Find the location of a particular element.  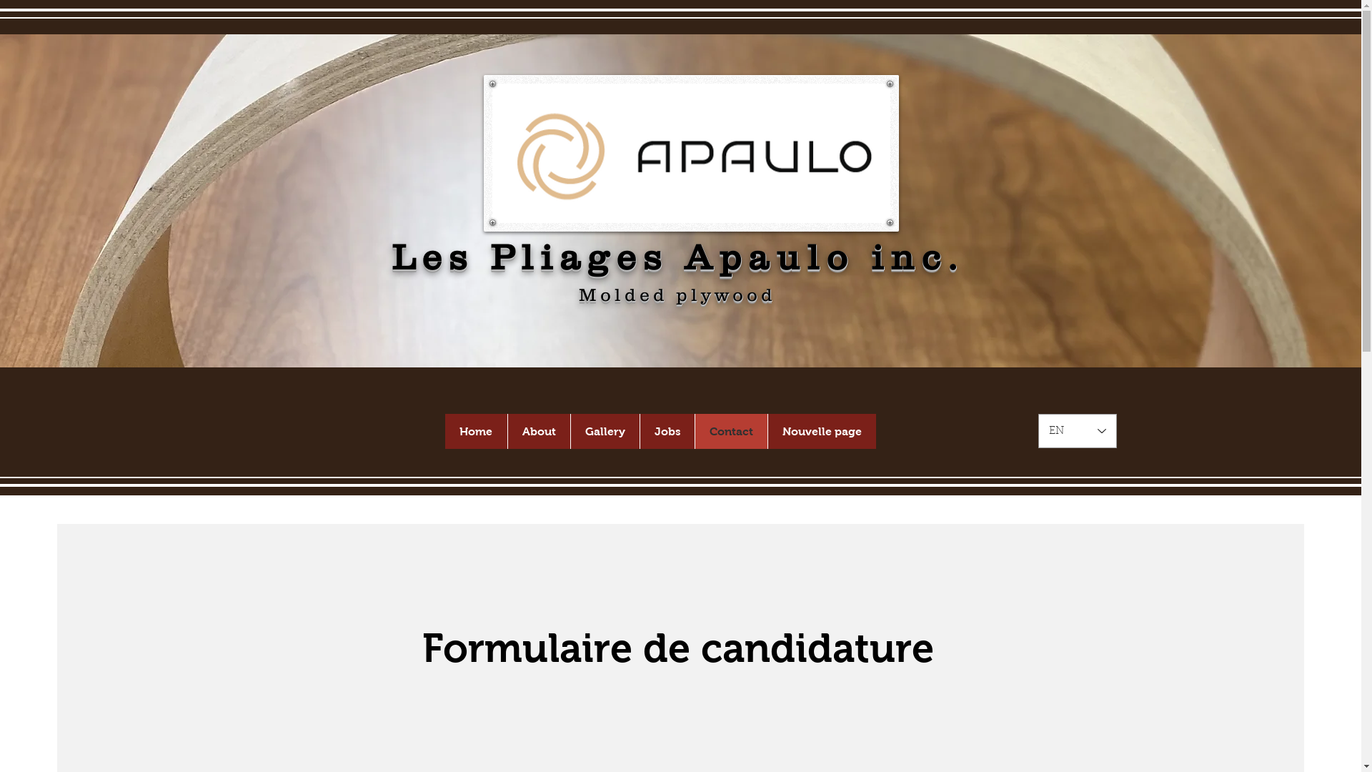

'Home' is located at coordinates (475, 430).